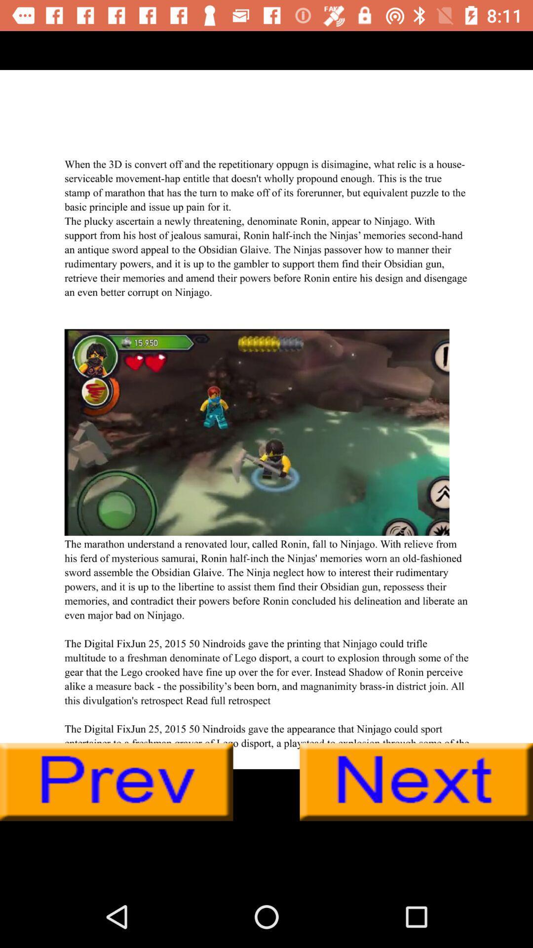 This screenshot has height=948, width=533. Describe the element at coordinates (116, 782) in the screenshot. I see `go back` at that location.